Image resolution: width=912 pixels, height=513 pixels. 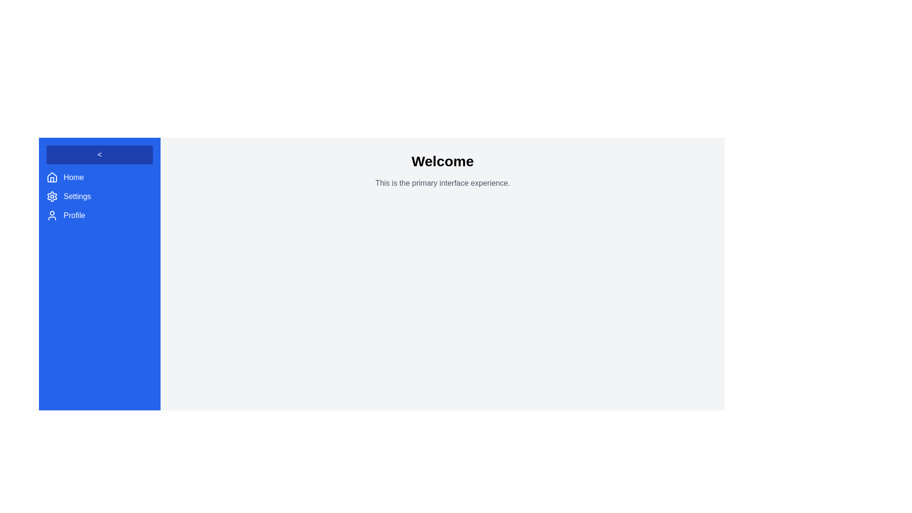 I want to click on the blue gear-shaped icon with white outlines next to the 'Settings' label in the vertical navigation menu, so click(x=52, y=196).